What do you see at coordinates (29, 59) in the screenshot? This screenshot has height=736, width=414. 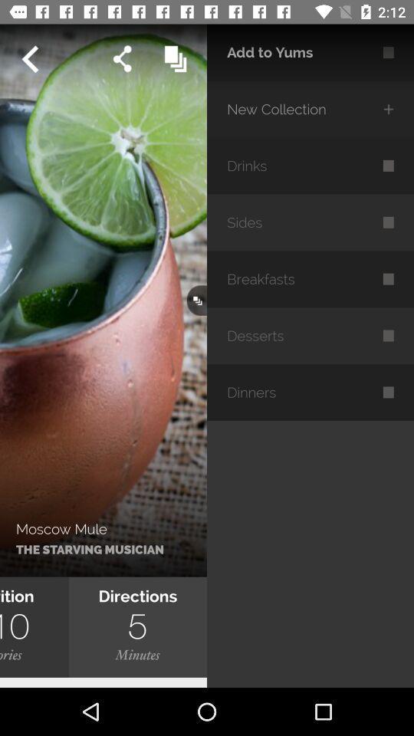 I see `go back` at bounding box center [29, 59].